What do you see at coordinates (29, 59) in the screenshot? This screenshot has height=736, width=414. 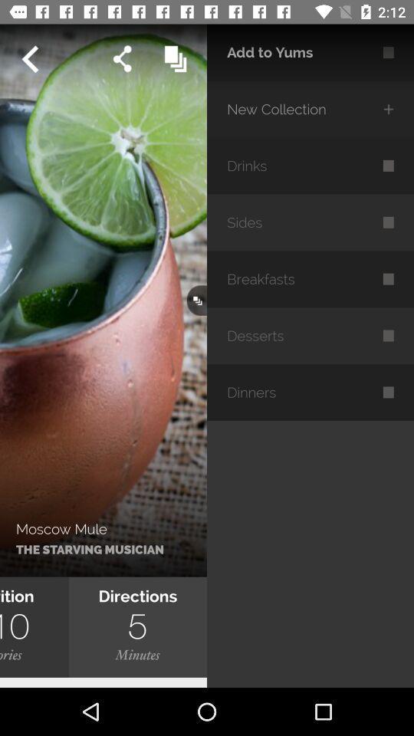 I see `go back` at bounding box center [29, 59].